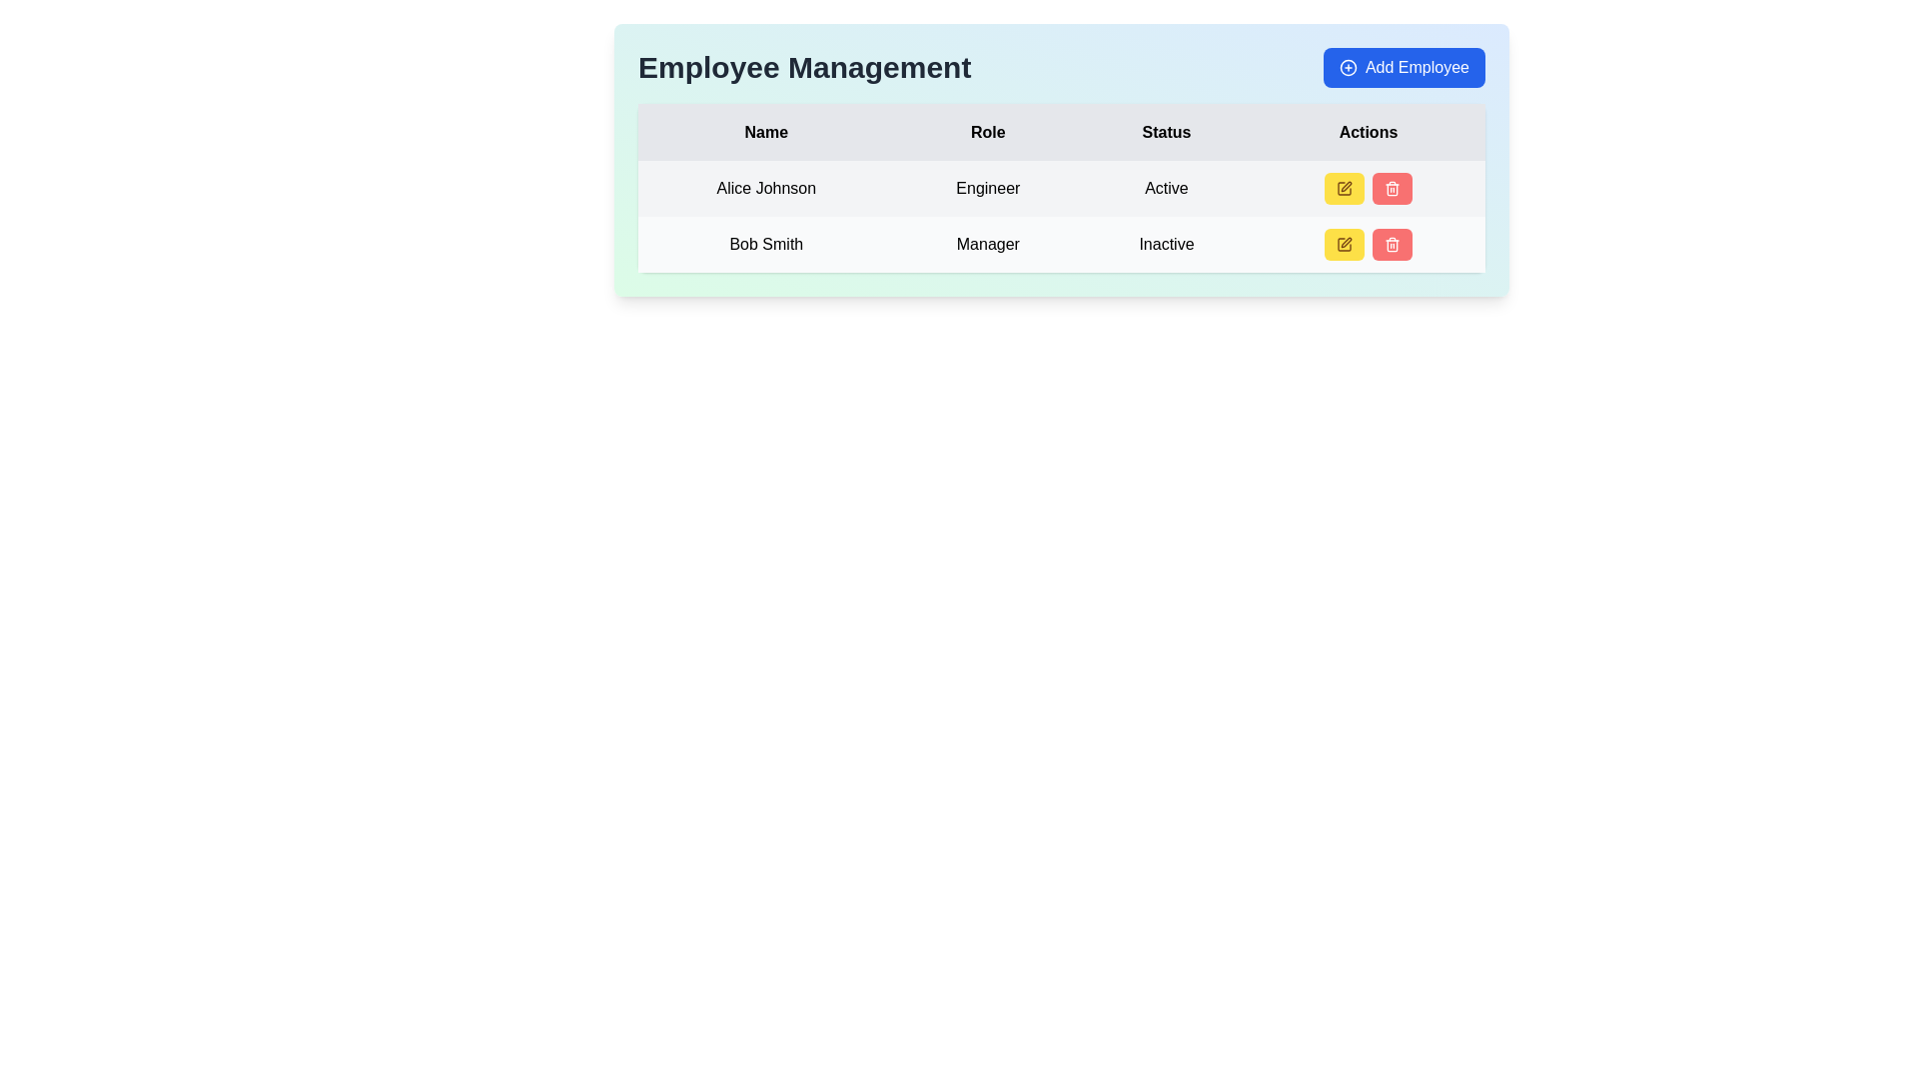 This screenshot has height=1079, width=1918. I want to click on the rectangular button with a bright yellow background and a pen icon, located in the second row of the 'Actions' column under 'Employee Management', so click(1344, 244).